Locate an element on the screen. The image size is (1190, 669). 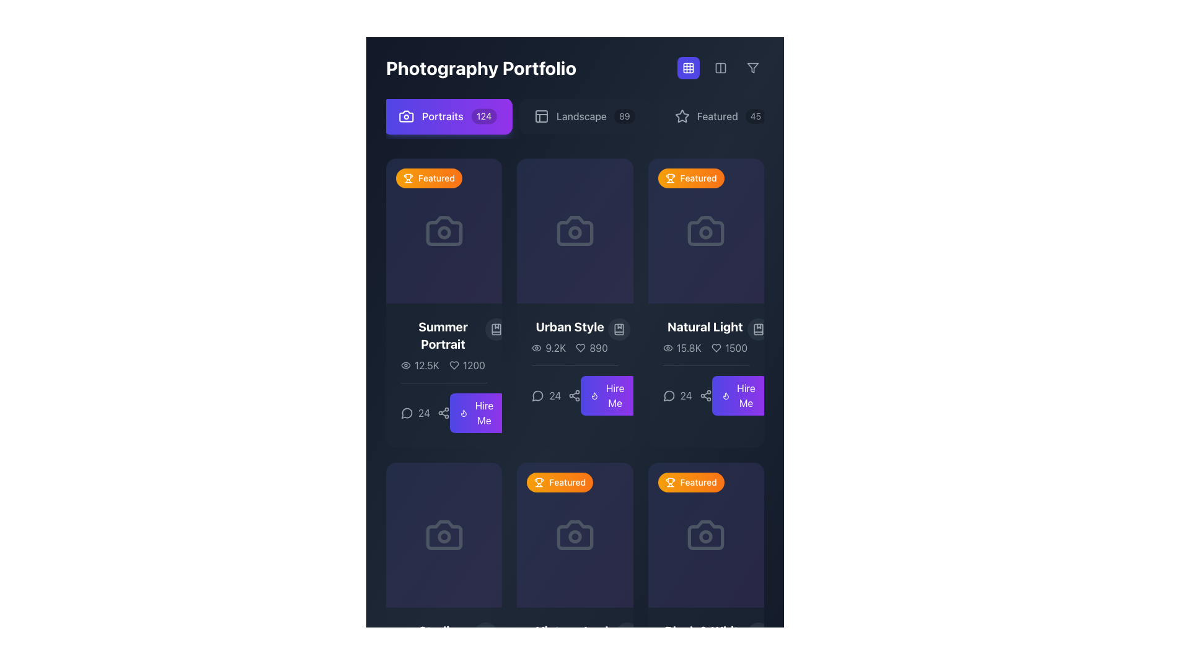
the decorative or functional 'like' icon located to the left of the numeric text '1200' beneath the title 'Summer Portrait' is located at coordinates (453, 365).